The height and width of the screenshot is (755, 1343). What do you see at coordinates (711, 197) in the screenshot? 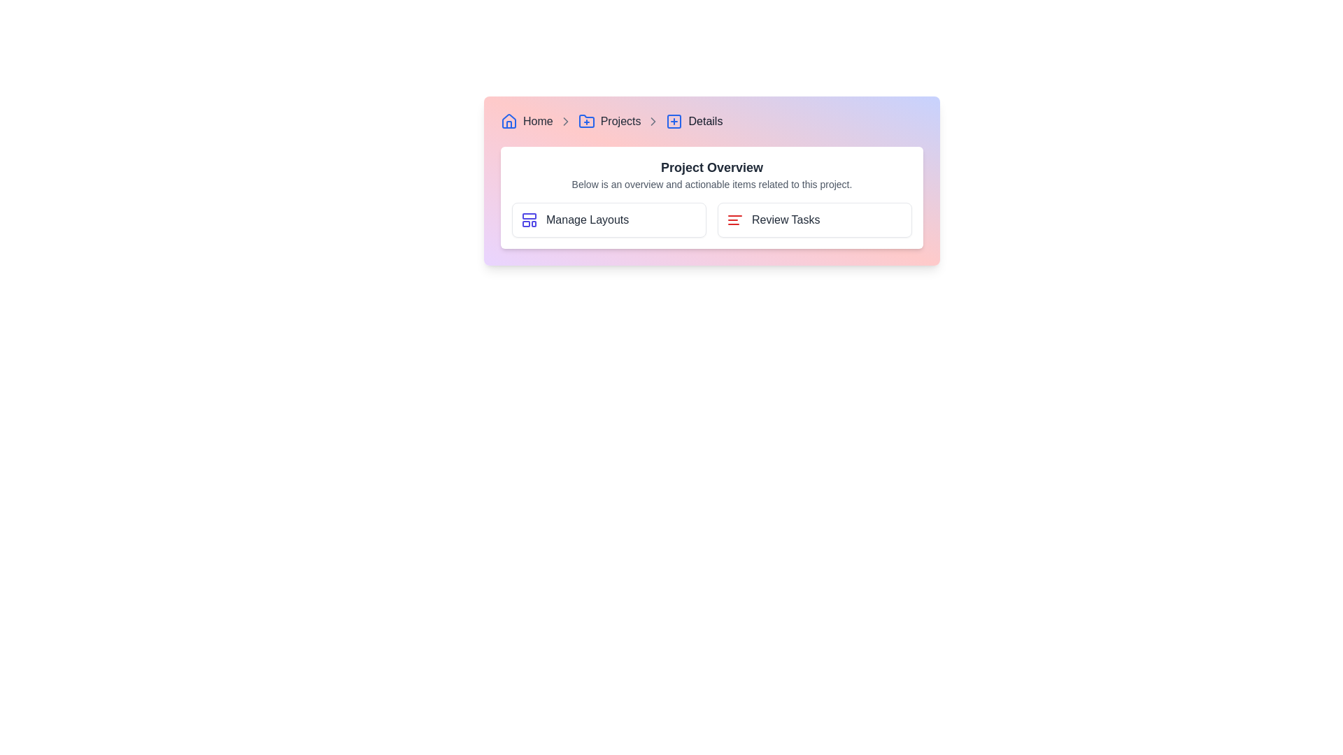
I see `the 'Manage Layouts' button located at the bottom of the 'Project Overview' informational card` at bounding box center [711, 197].